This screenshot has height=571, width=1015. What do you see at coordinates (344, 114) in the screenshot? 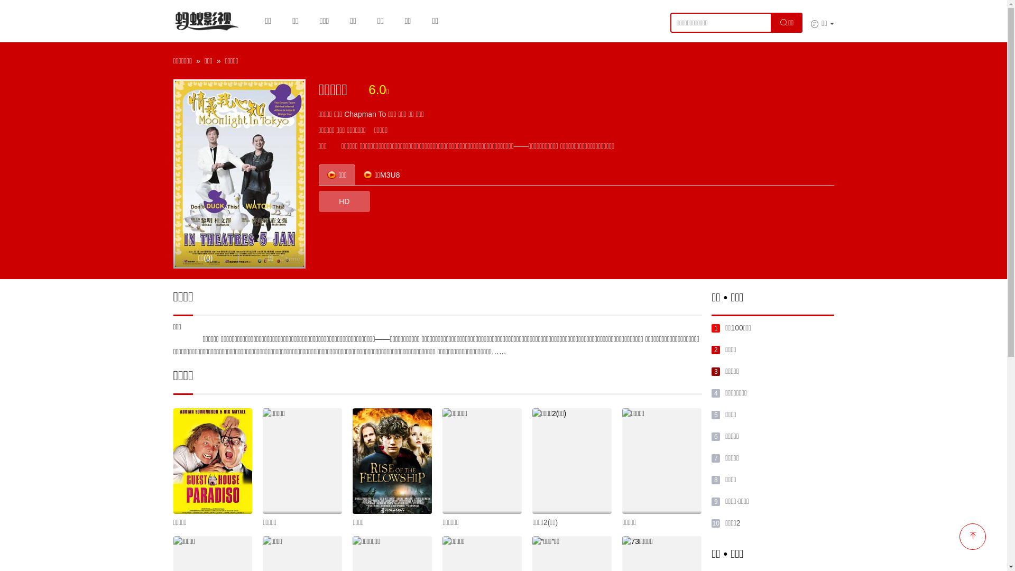
I see `'Chapman'` at bounding box center [344, 114].